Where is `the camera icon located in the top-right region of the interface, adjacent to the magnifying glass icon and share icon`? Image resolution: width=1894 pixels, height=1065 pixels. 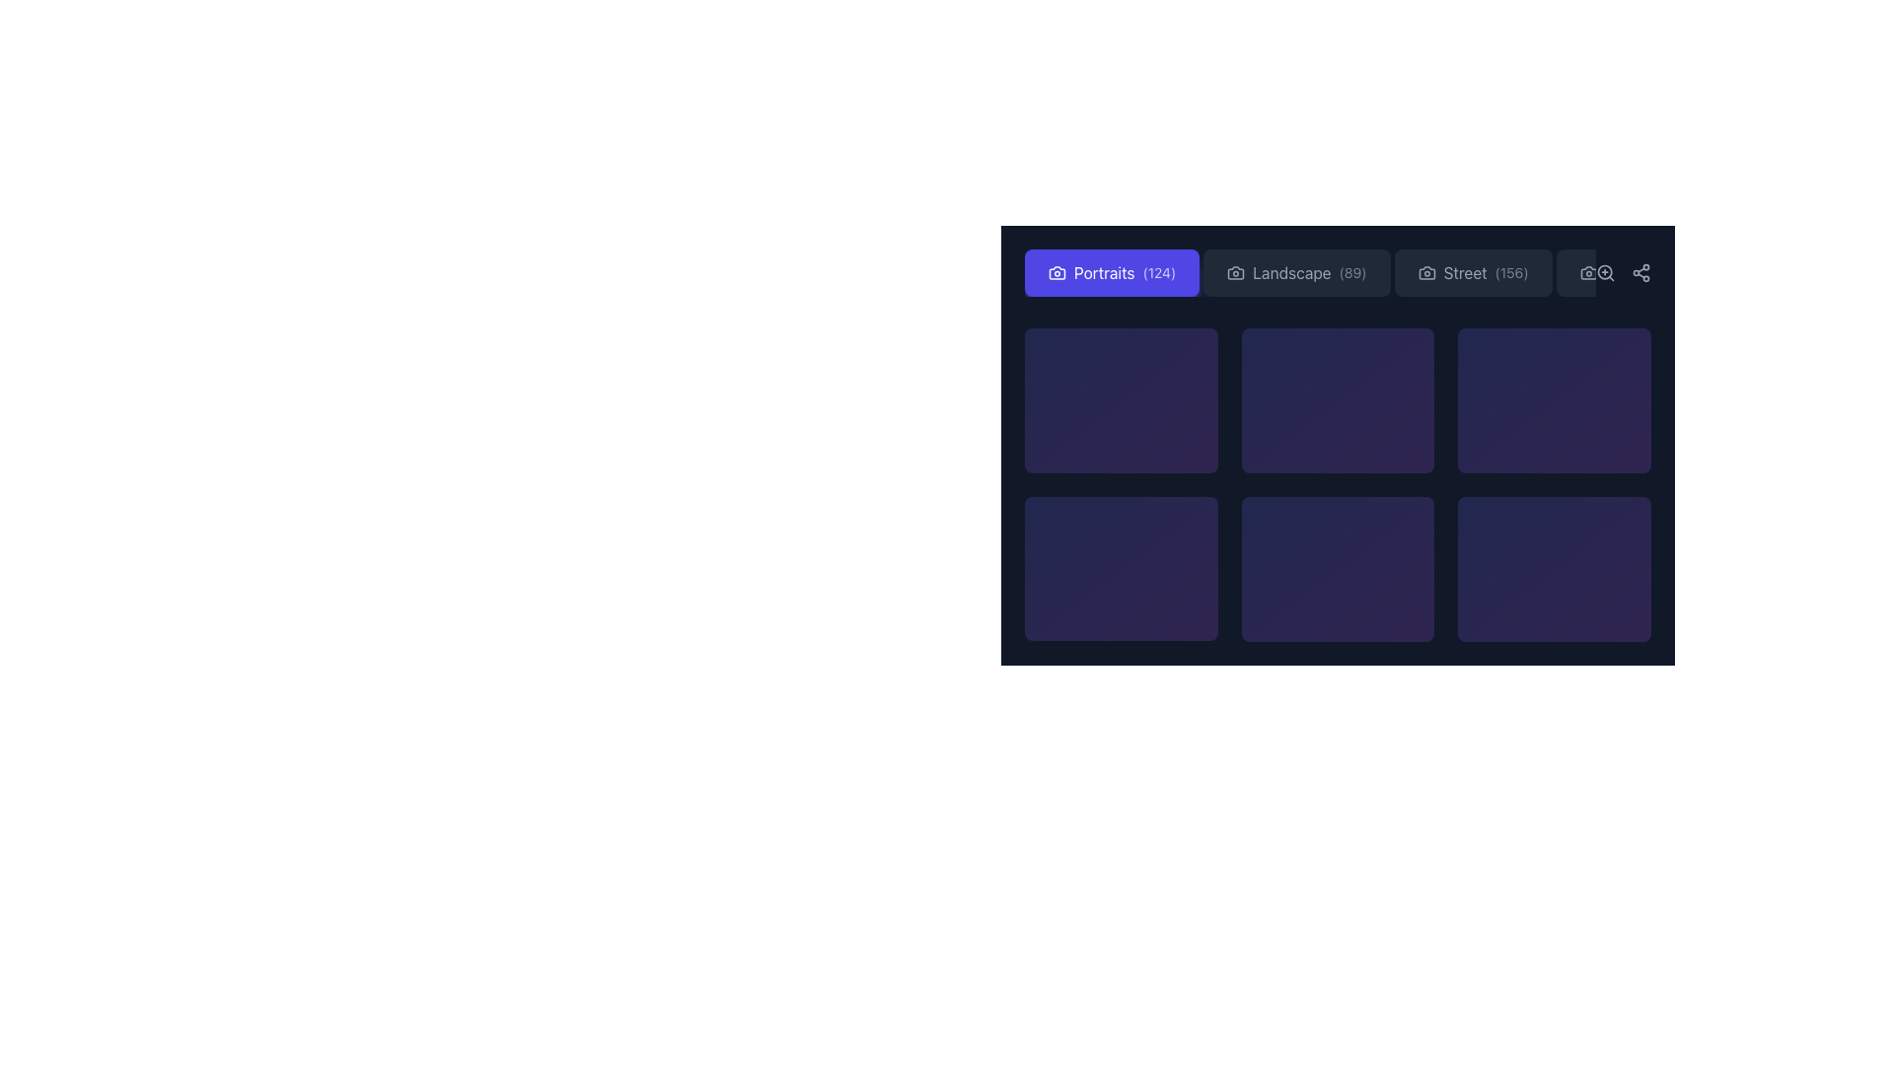
the camera icon located in the top-right region of the interface, adjacent to the magnifying glass icon and share icon is located at coordinates (1588, 273).